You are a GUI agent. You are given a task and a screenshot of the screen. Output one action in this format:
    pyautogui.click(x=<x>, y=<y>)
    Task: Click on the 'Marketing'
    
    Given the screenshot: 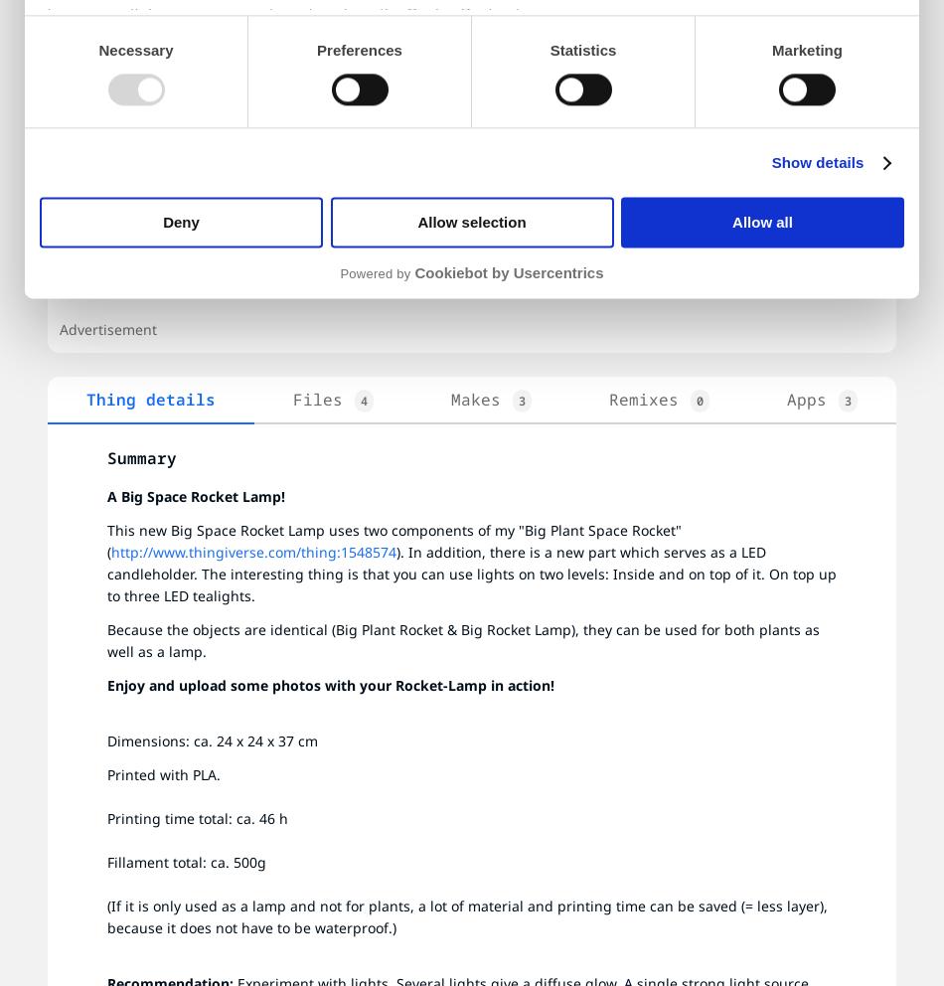 What is the action you would take?
    pyautogui.click(x=805, y=49)
    